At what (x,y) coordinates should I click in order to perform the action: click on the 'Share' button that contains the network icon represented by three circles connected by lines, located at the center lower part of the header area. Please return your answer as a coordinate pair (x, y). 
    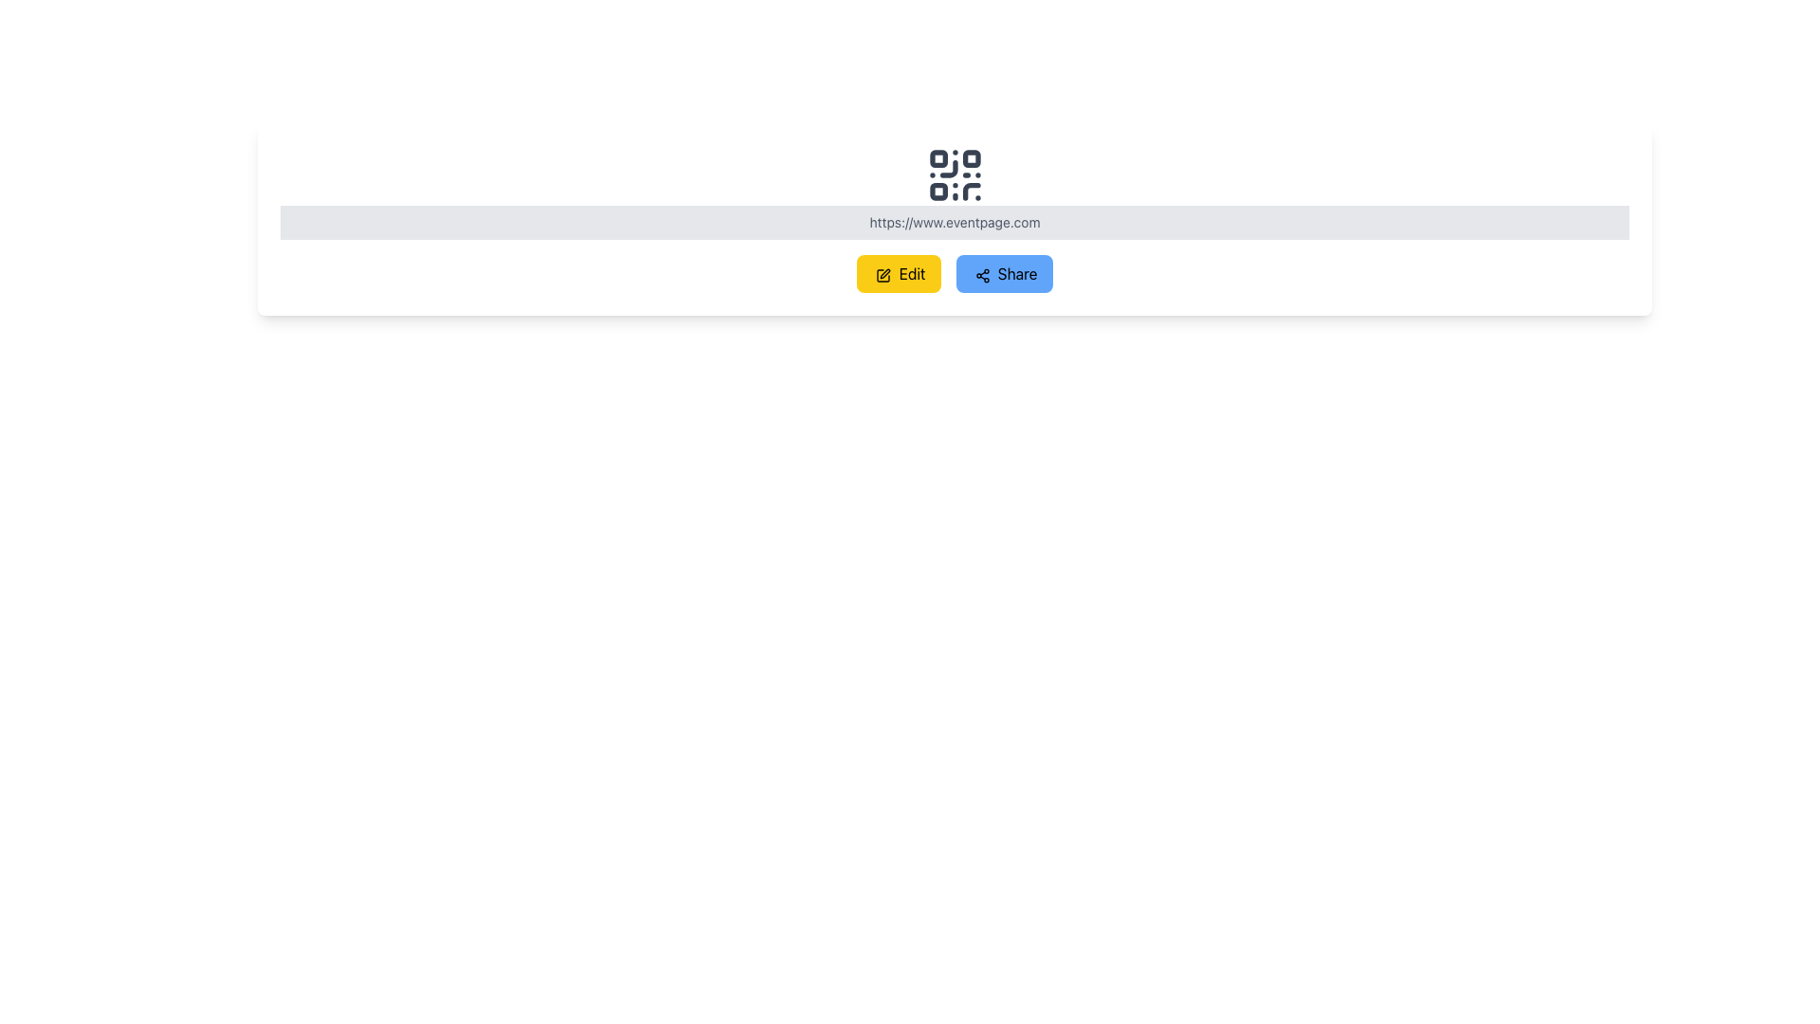
    Looking at the image, I should click on (982, 275).